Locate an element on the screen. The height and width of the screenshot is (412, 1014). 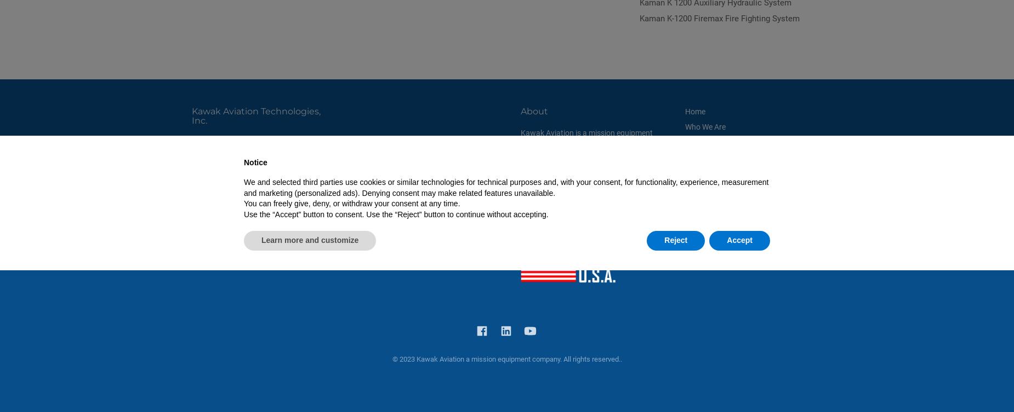
'Bend, OR 97702 USA' is located at coordinates (226, 154).